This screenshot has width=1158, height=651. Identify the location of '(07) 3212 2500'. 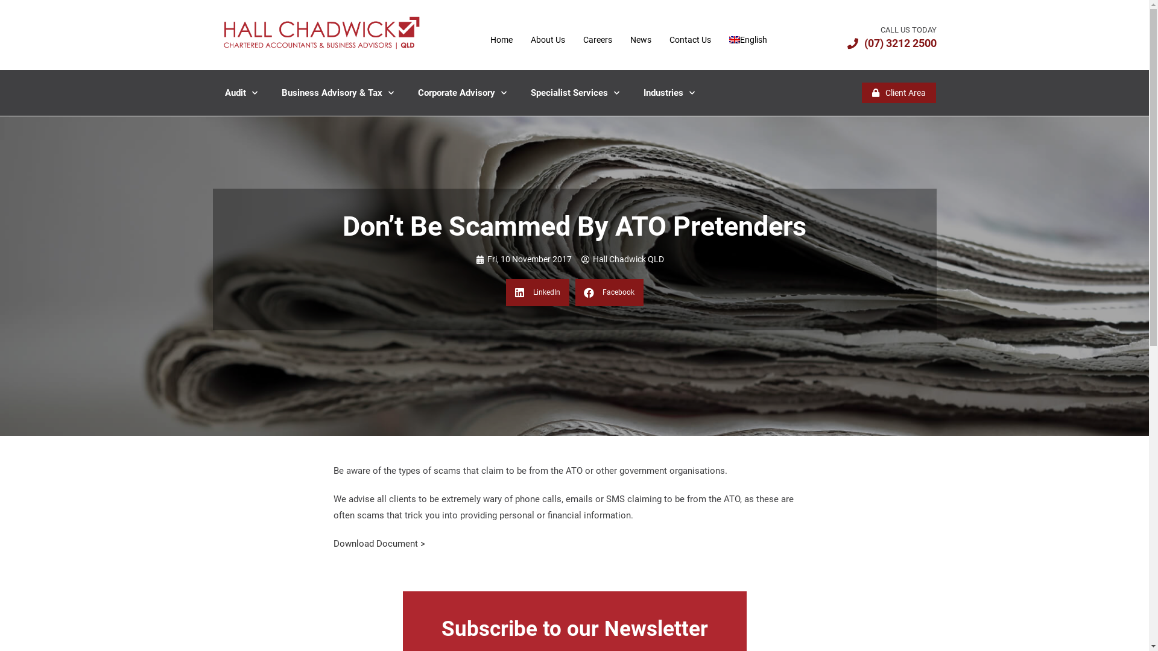
(891, 43).